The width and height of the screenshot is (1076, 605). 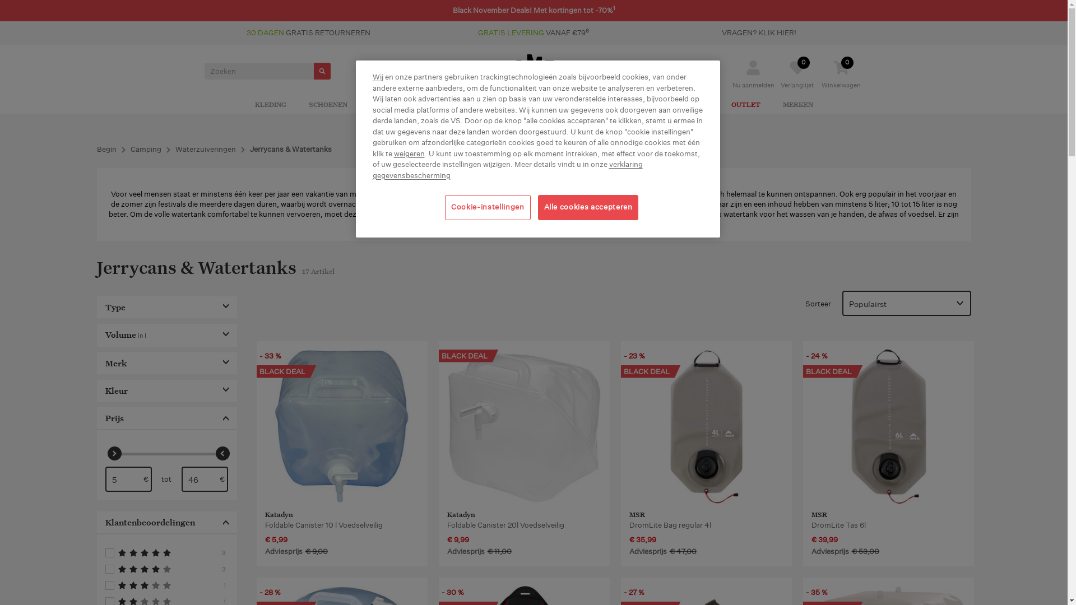 What do you see at coordinates (166, 569) in the screenshot?
I see `'Filtert naar 4'` at bounding box center [166, 569].